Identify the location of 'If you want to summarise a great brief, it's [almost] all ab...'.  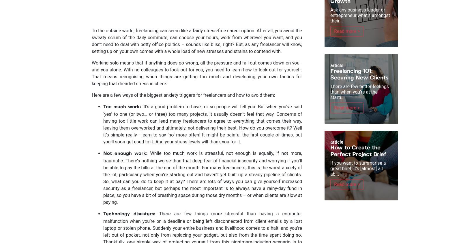
(357, 168).